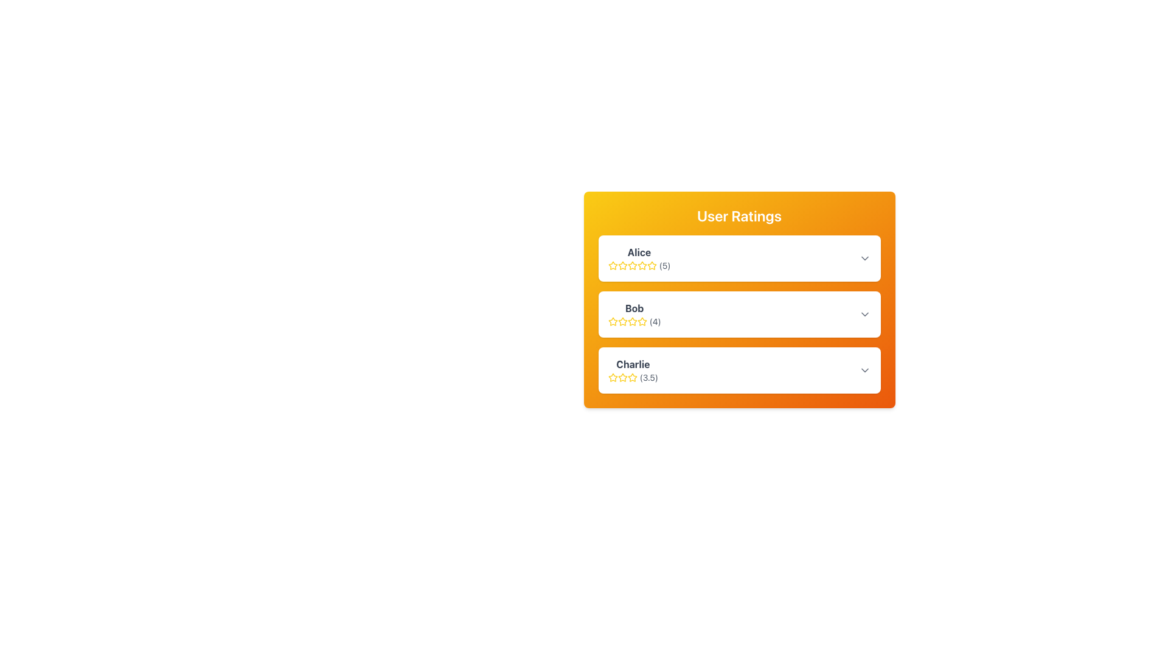  What do you see at coordinates (655, 321) in the screenshot?
I see `the text label displaying the number '(4)' next to the yellow star icons in the user ratings for 'Bob'` at bounding box center [655, 321].